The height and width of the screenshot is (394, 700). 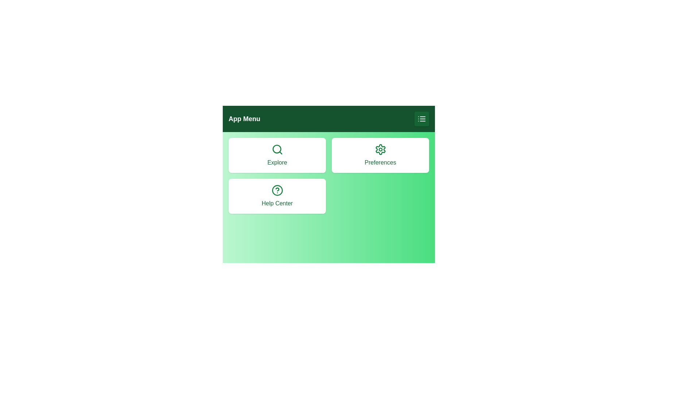 I want to click on menu button to toggle the menu visibility, so click(x=421, y=119).